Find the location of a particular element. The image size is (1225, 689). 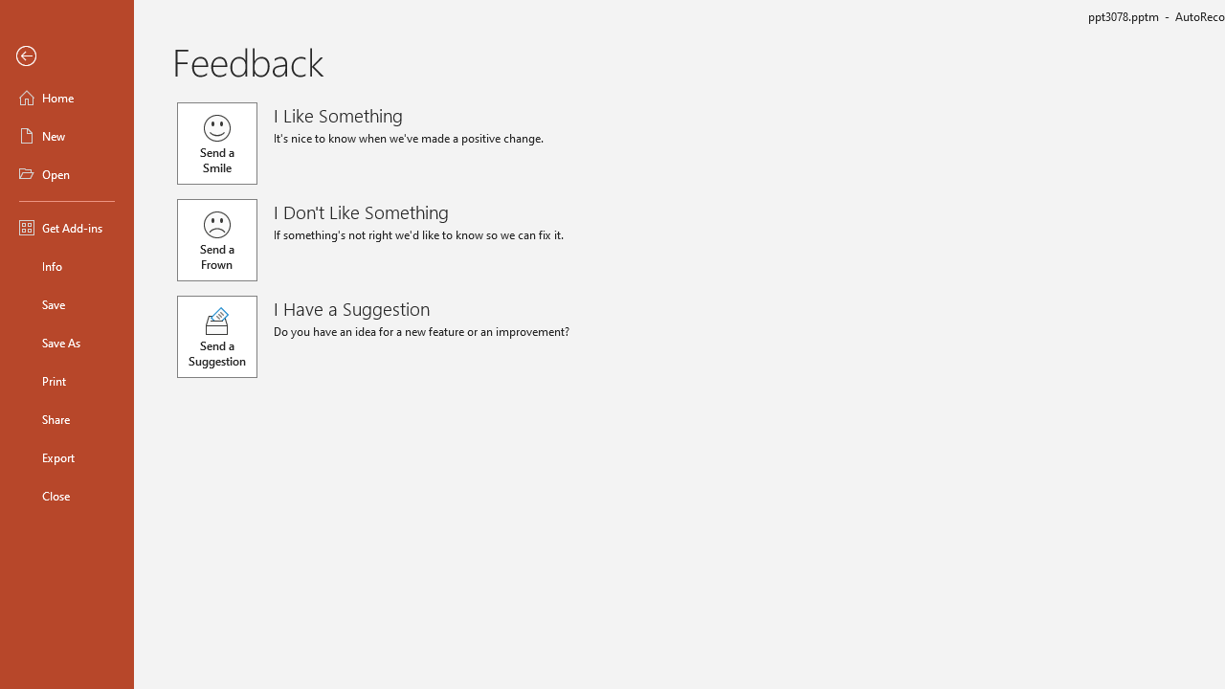

'Back' is located at coordinates (66, 56).